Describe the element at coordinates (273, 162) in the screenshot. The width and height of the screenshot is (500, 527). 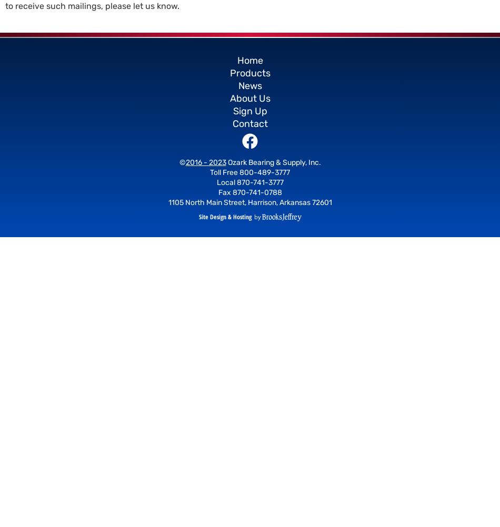
I see `'Ozark Bearing & Supply, Inc.'` at that location.